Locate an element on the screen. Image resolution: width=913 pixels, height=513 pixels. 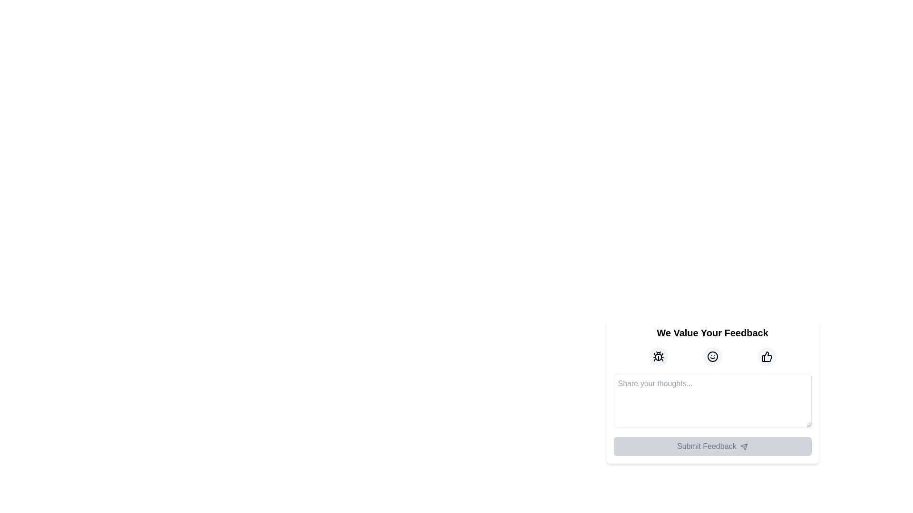
the circular smiley icon with a rounded appearance and a smiley face symbol located at the center of a horizontal group of three similar icons is located at coordinates (712, 357).